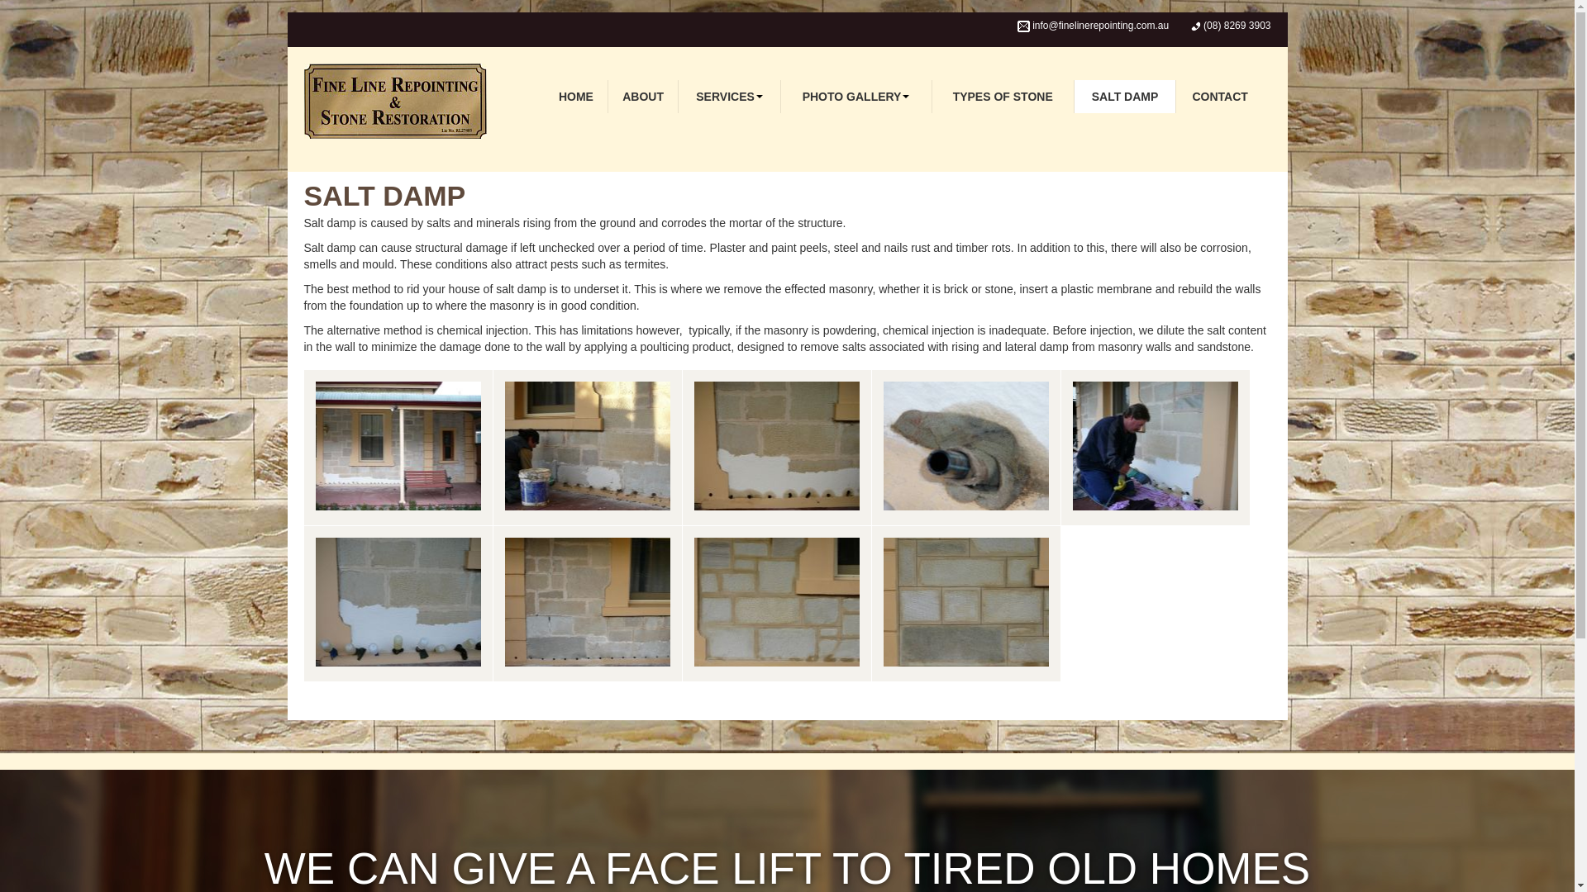 Image resolution: width=1587 pixels, height=892 pixels. I want to click on 'PHOTO GALLERY', so click(856, 96).